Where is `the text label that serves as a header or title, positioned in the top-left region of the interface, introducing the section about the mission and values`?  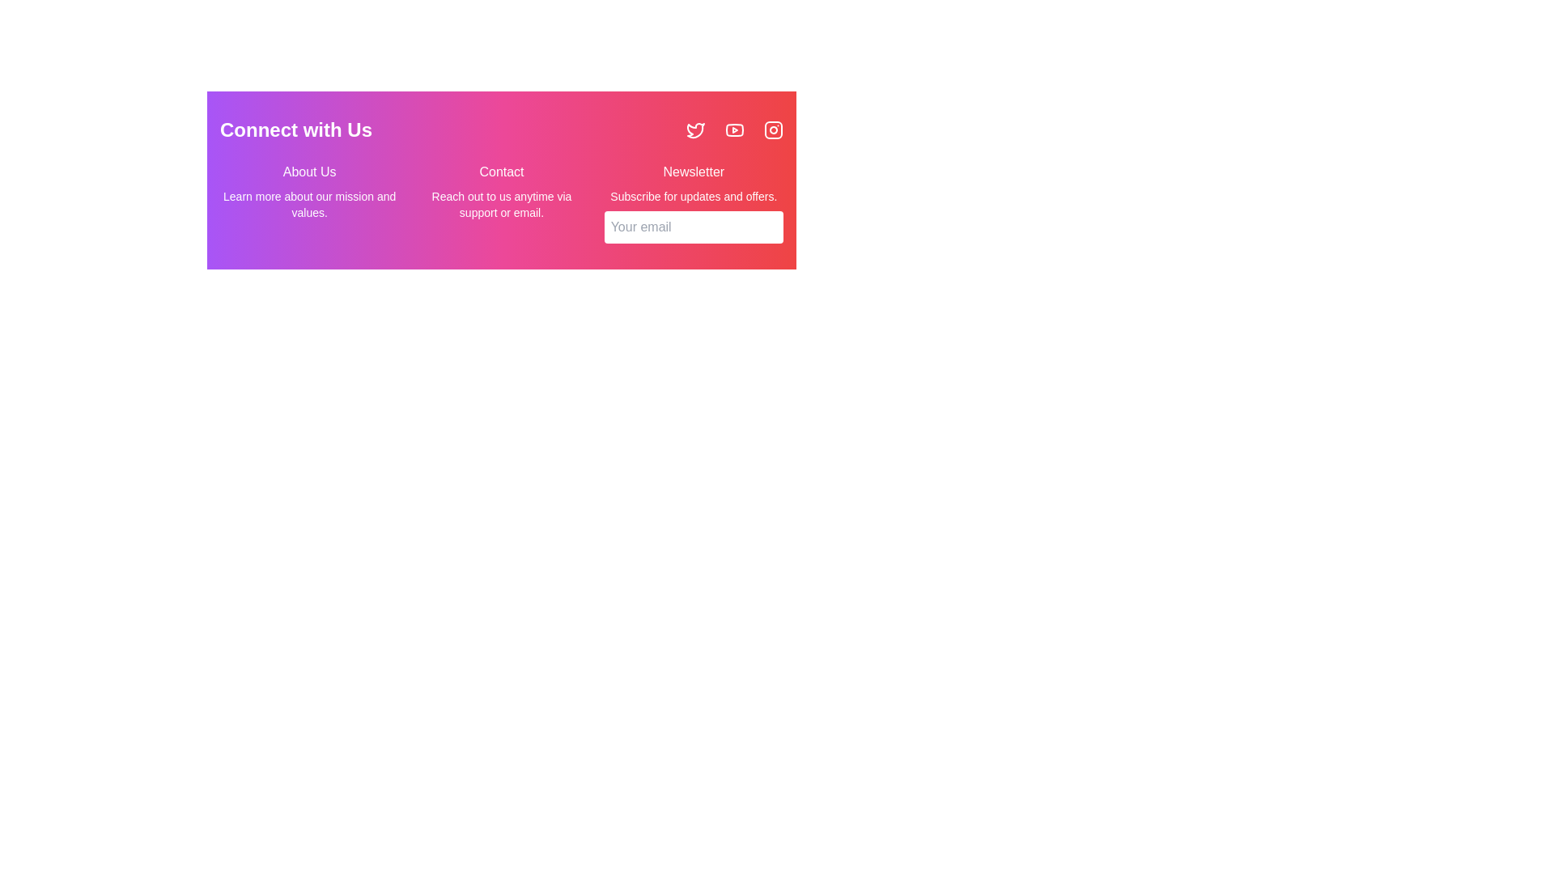
the text label that serves as a header or title, positioned in the top-left region of the interface, introducing the section about the mission and values is located at coordinates (309, 172).